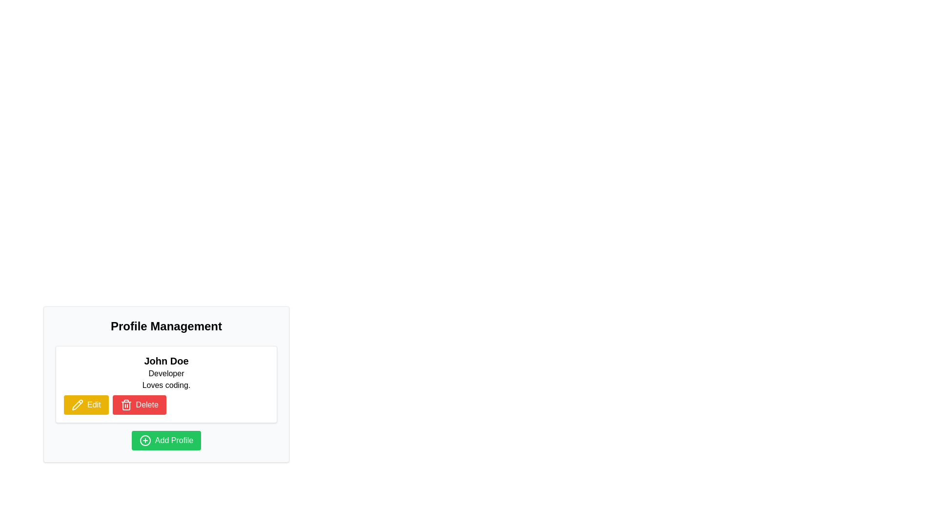  I want to click on the 'Edit' icon, which is part of the visual indicator for the 'Edit' action, located to the left of the 'Delete' button, so click(77, 405).